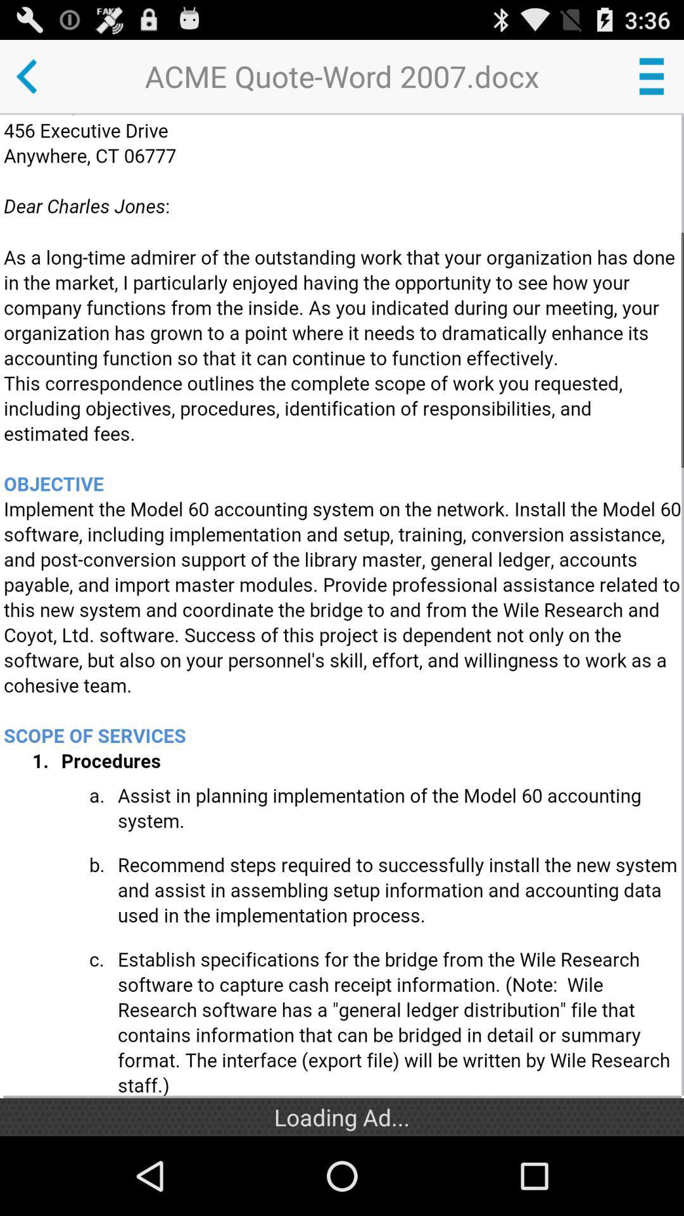 The width and height of the screenshot is (684, 1216). I want to click on setting, so click(651, 75).